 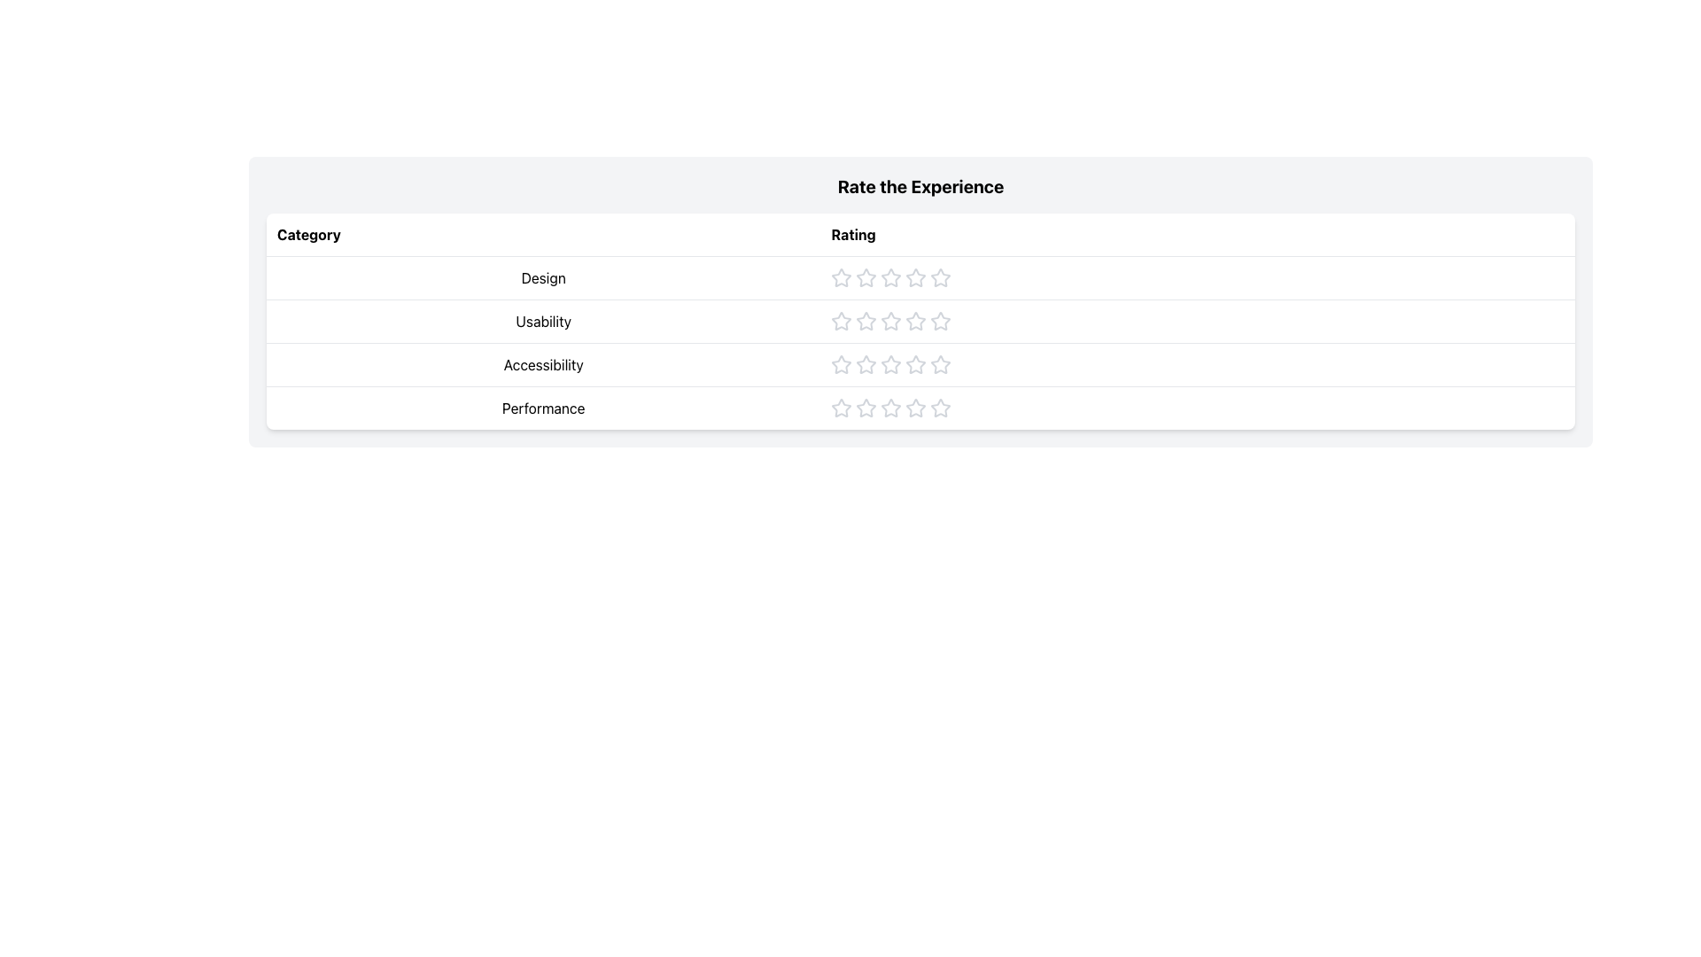 What do you see at coordinates (866, 408) in the screenshot?
I see `the second star icon in the Performance rating row to give a 2-out-of-5 rating` at bounding box center [866, 408].